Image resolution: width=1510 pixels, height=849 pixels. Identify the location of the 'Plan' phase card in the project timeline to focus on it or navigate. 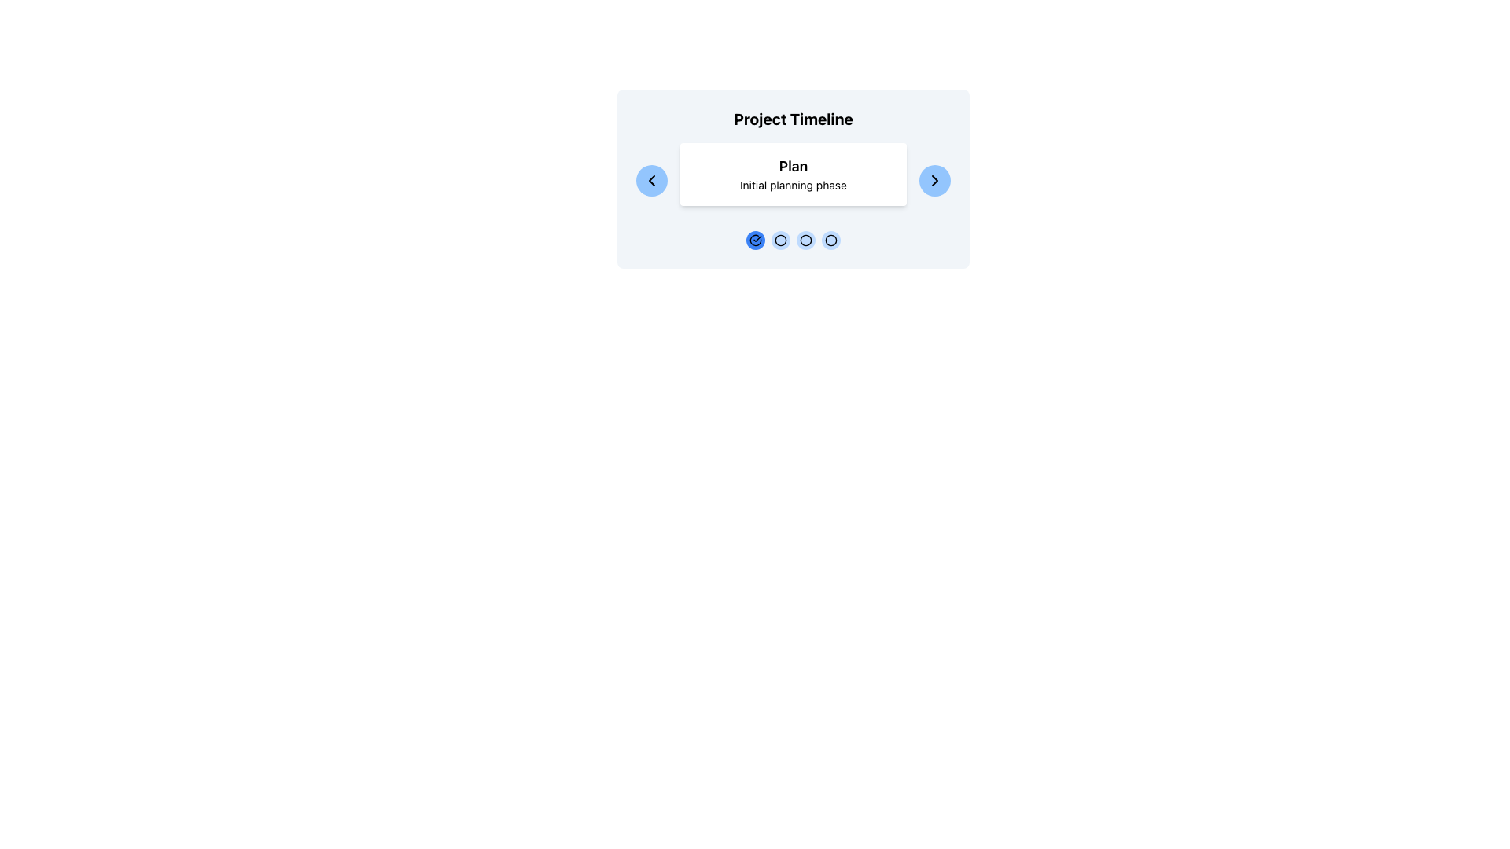
(793, 180).